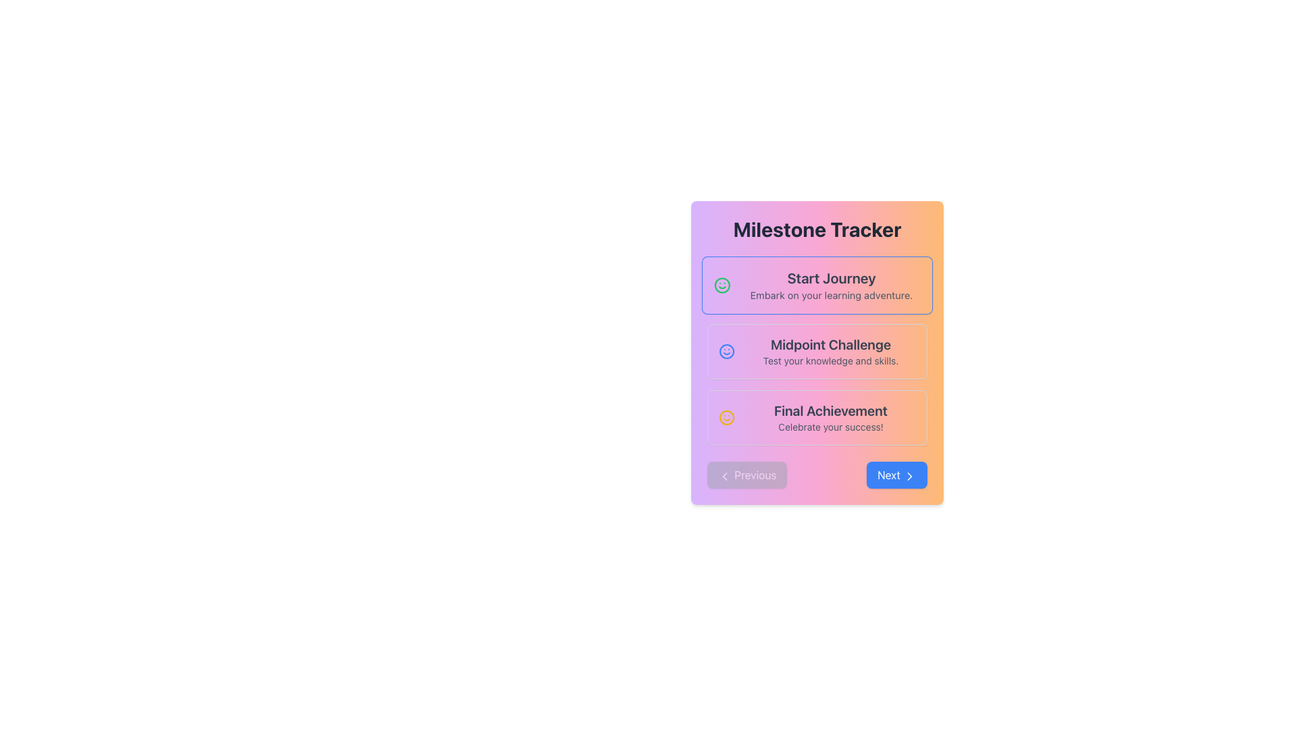 This screenshot has width=1296, height=729. Describe the element at coordinates (830, 416) in the screenshot. I see `the third informational card titled 'Final Achievement' that contains the subtitle 'Celebrate your success!' in the Milestone Tracker section` at that location.